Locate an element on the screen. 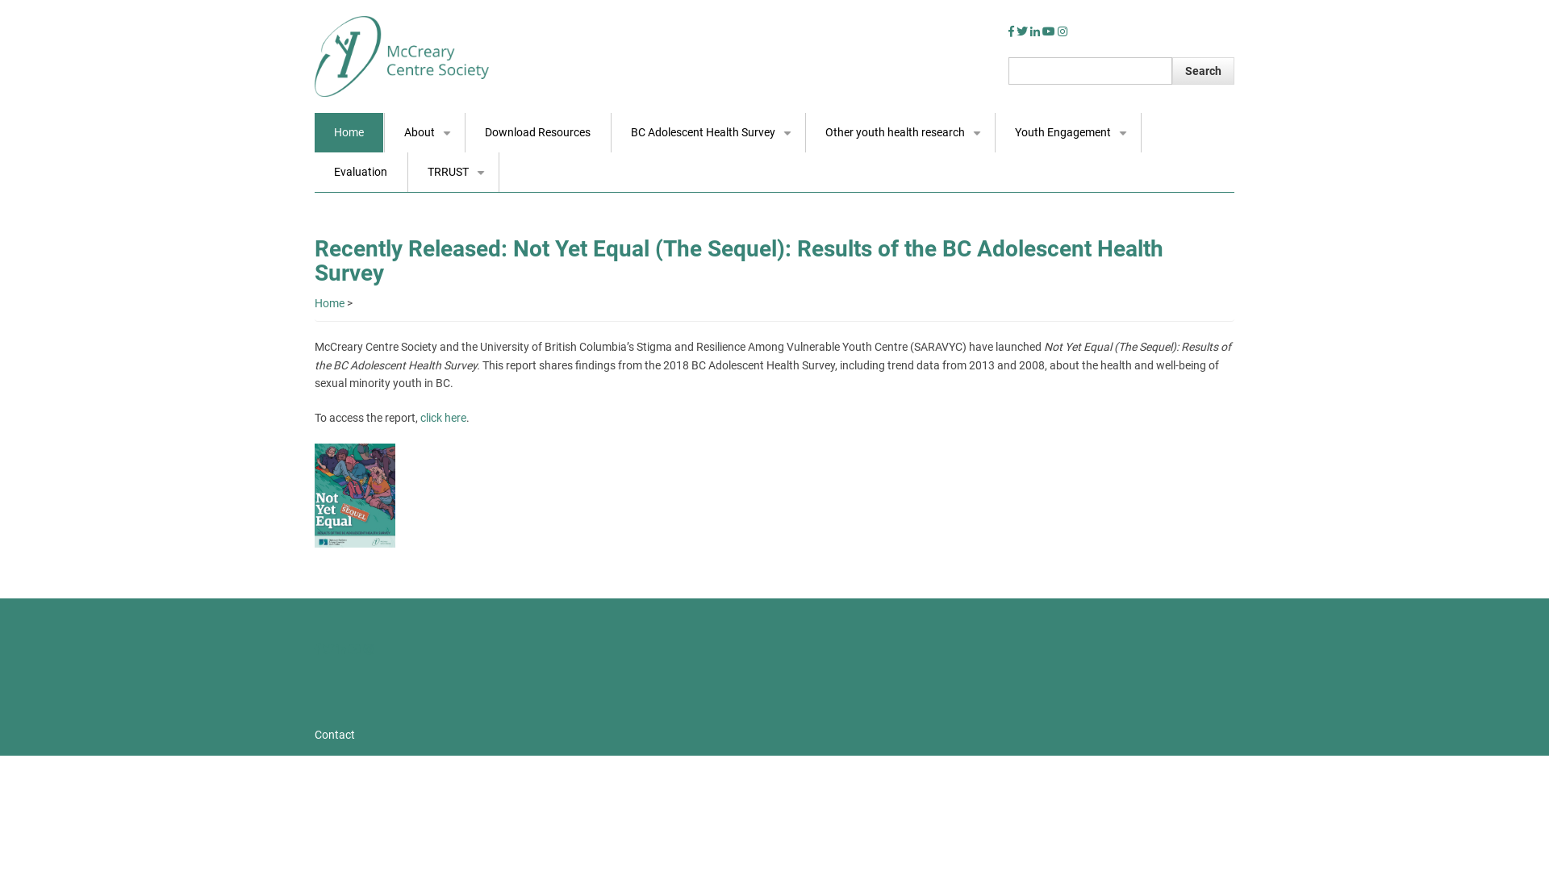 The image size is (1549, 871). 'Enter the terms you wish to search for.' is located at coordinates (1090, 70).